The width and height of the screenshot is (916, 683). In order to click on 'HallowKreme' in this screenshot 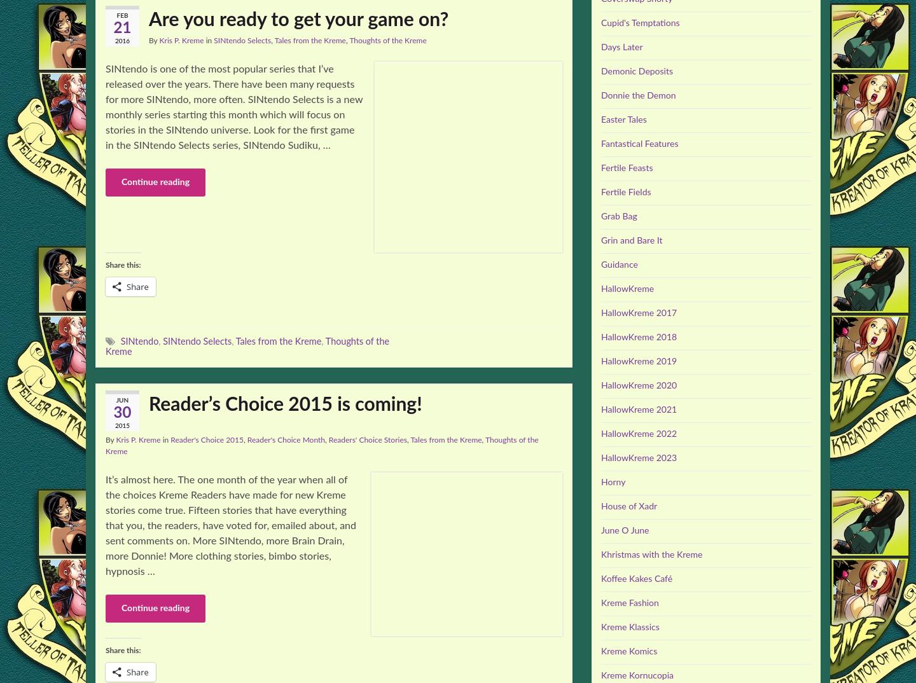, I will do `click(627, 288)`.